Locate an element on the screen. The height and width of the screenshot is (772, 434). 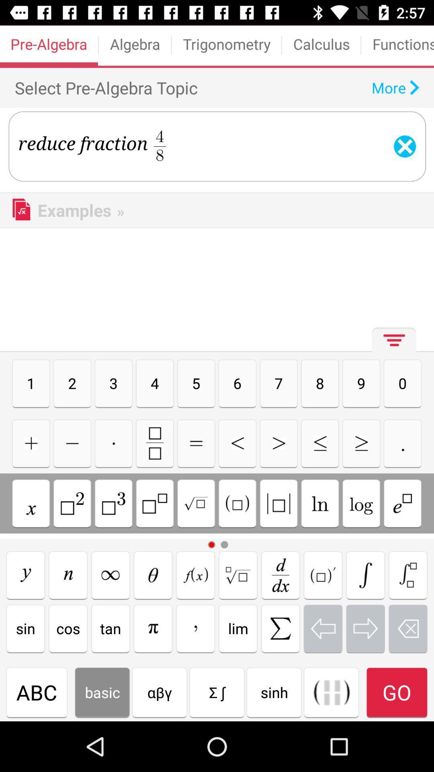
erase previous entry is located at coordinates (408, 628).